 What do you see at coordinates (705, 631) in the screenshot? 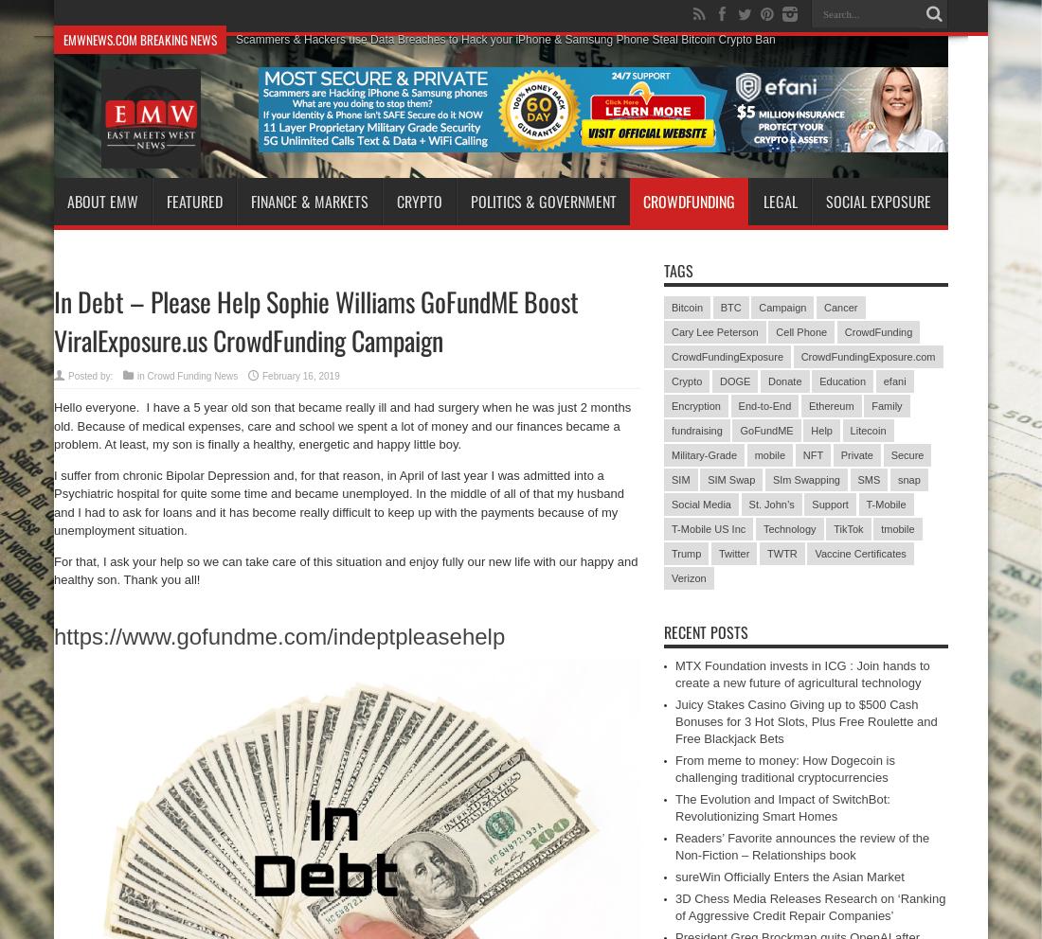
I see `'Recent Posts'` at bounding box center [705, 631].